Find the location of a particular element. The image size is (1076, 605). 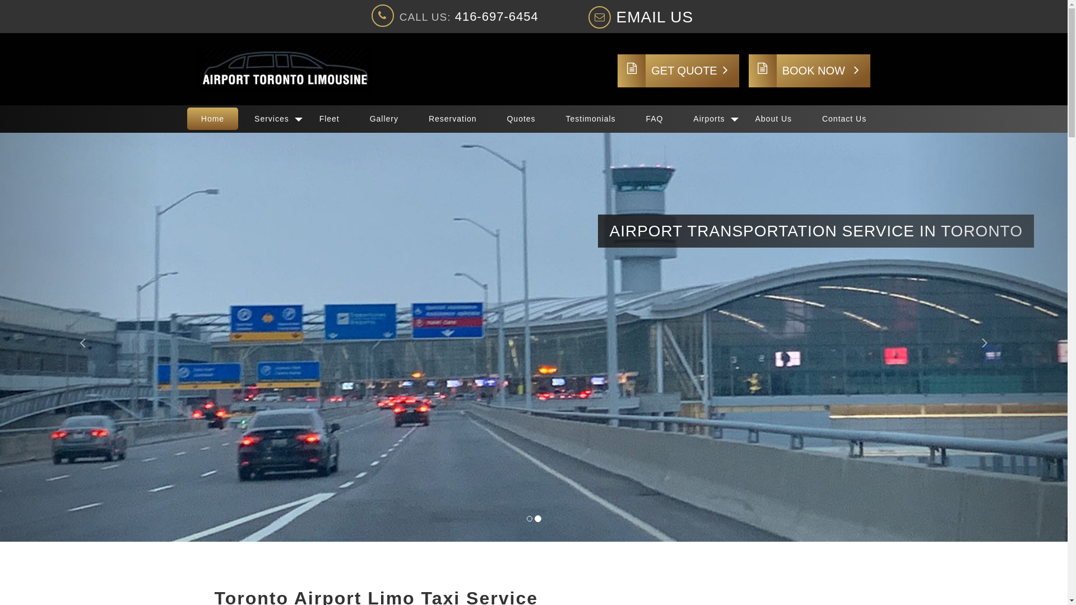

'Home' is located at coordinates (187, 119).